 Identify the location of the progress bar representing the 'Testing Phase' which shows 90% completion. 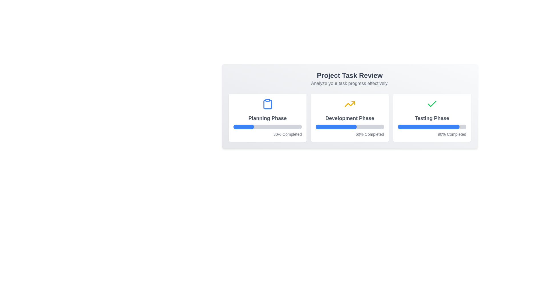
(428, 126).